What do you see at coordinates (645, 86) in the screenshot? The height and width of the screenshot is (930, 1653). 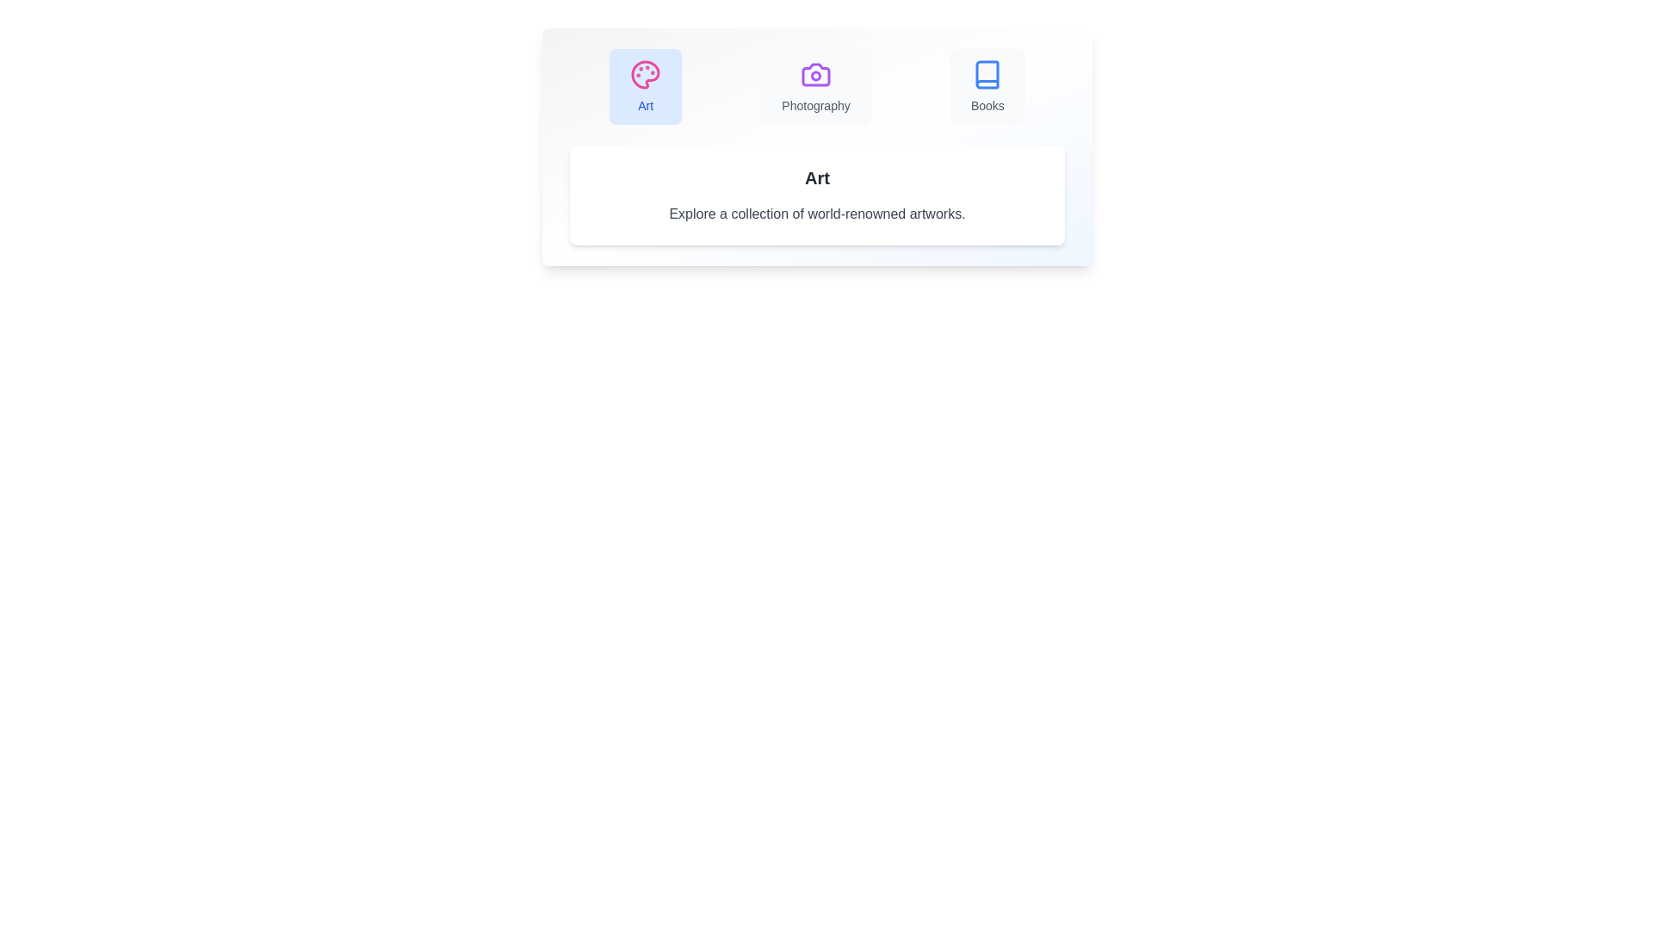 I see `the tab button labeled Art` at bounding box center [645, 86].